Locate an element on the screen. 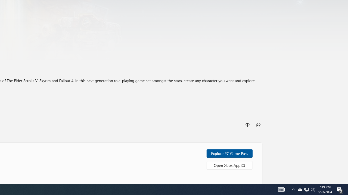  'Share' is located at coordinates (258, 125).